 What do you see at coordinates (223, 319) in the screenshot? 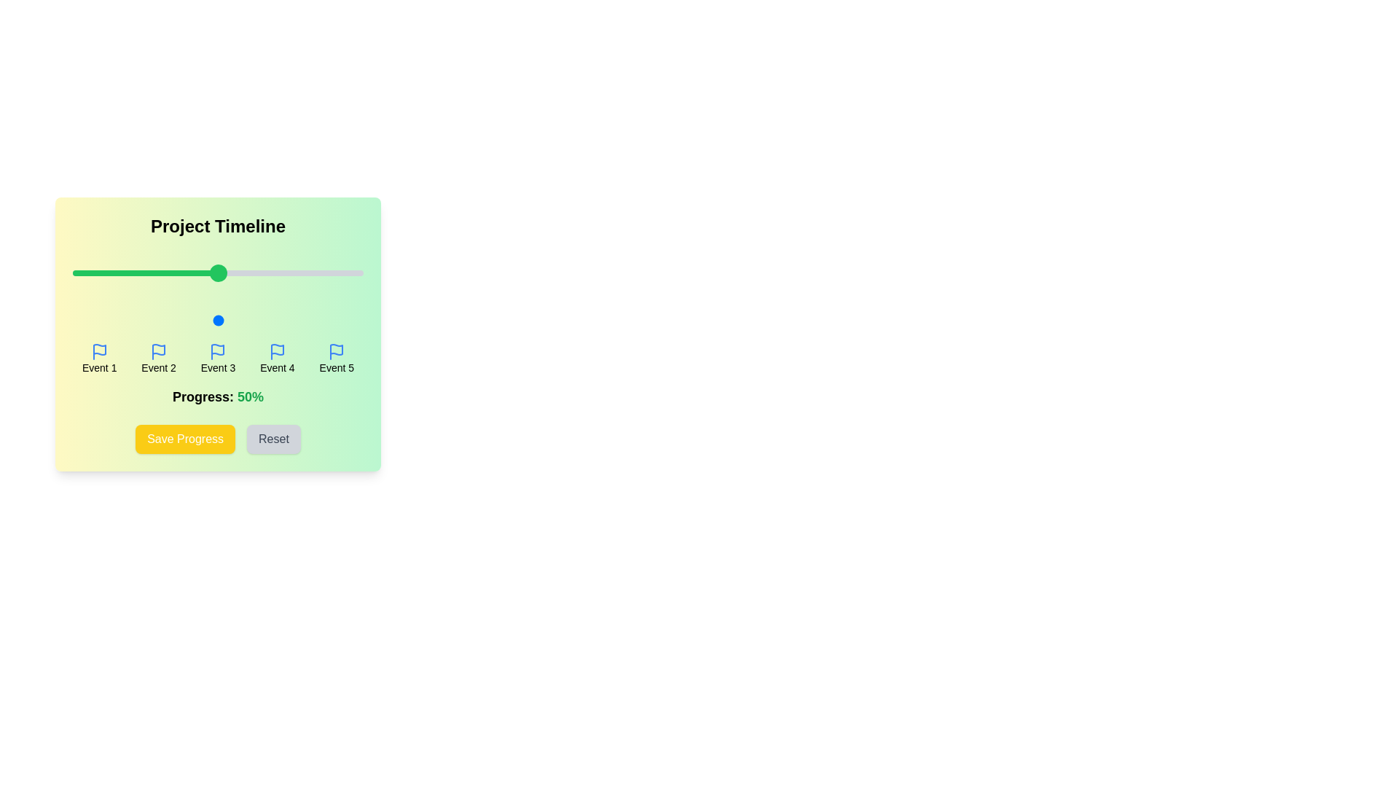
I see `the timeline progress to 52% by adjusting the slider` at bounding box center [223, 319].